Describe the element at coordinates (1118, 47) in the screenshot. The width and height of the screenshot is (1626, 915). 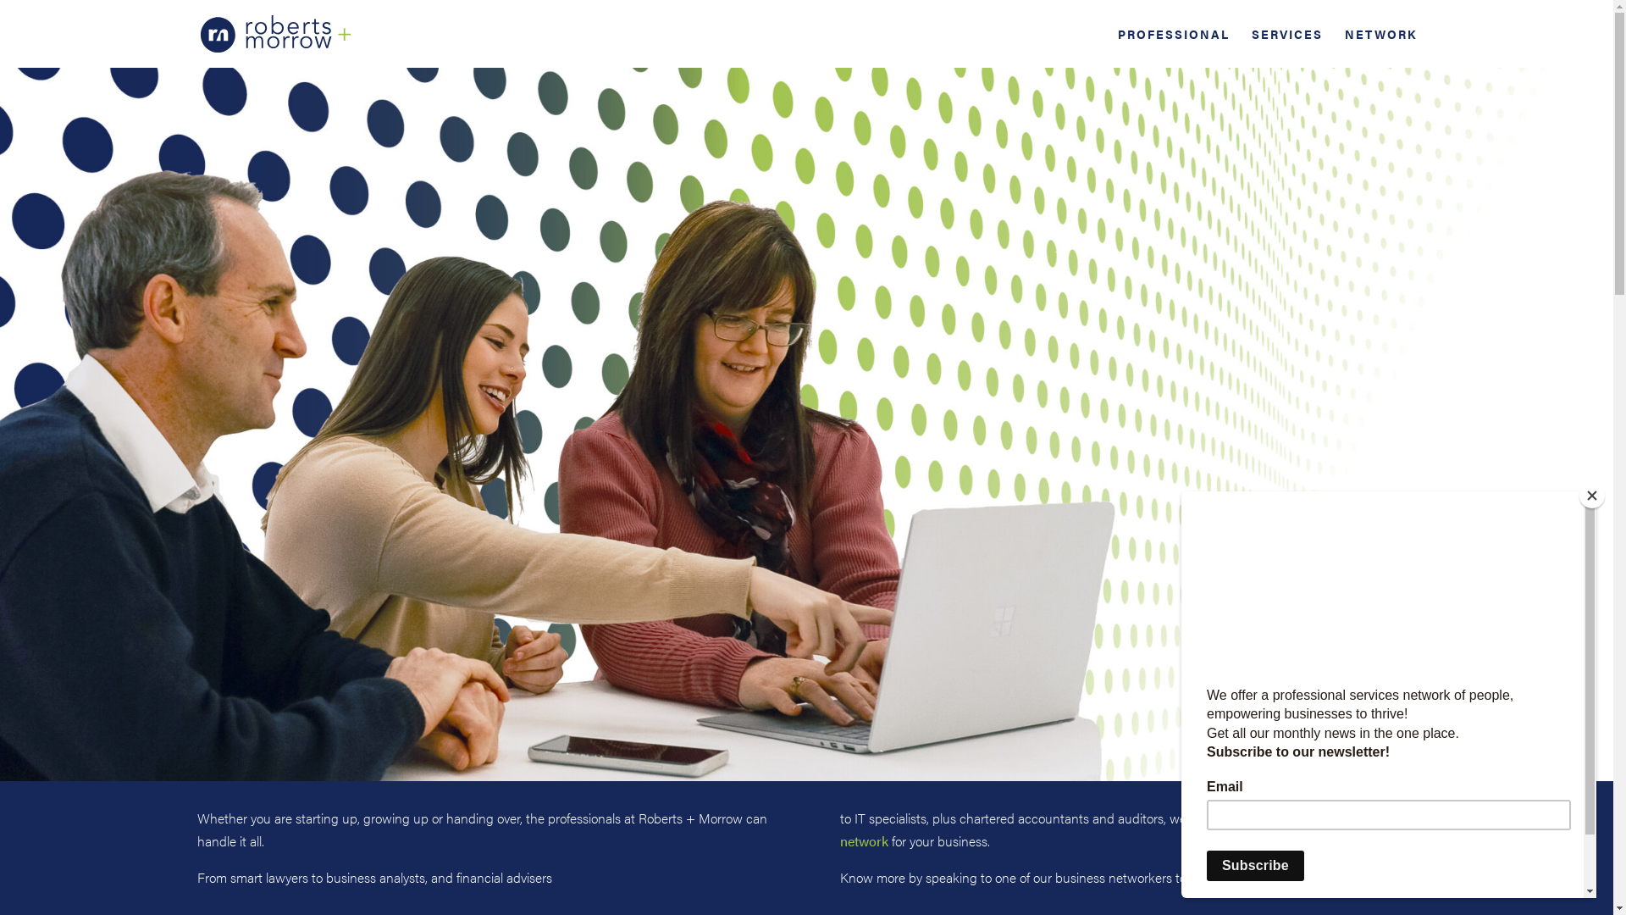
I see `'PROFESSIONAL'` at that location.